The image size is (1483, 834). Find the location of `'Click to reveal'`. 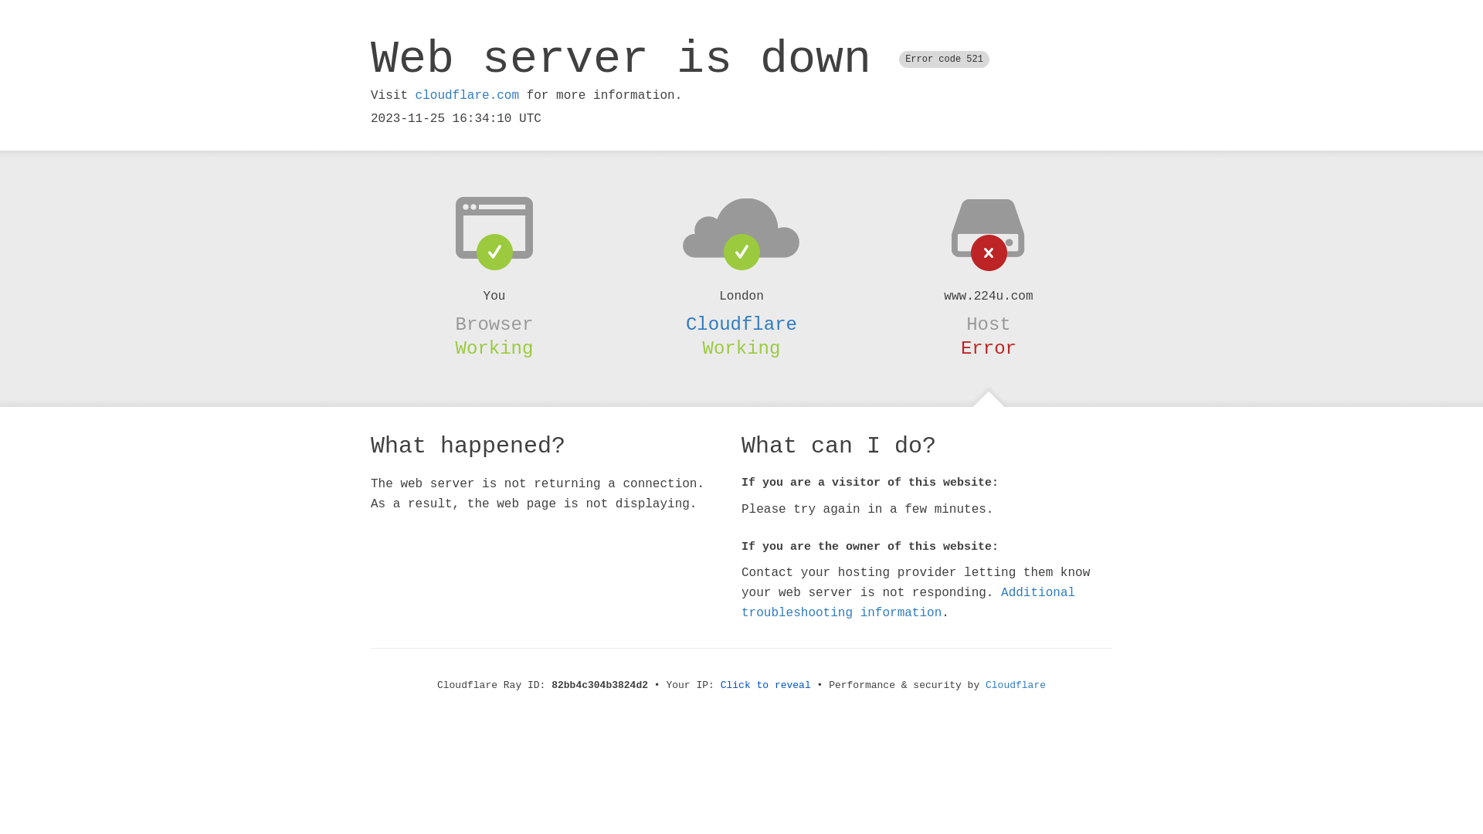

'Click to reveal' is located at coordinates (765, 684).